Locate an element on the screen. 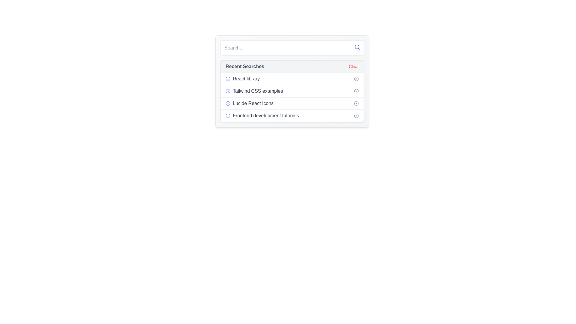 This screenshot has height=324, width=576. the SVG circle element that resembles a clock's border, located to the left of the text 'Frontend development tutorials' in the 'Recent Searches' section is located at coordinates (227, 115).